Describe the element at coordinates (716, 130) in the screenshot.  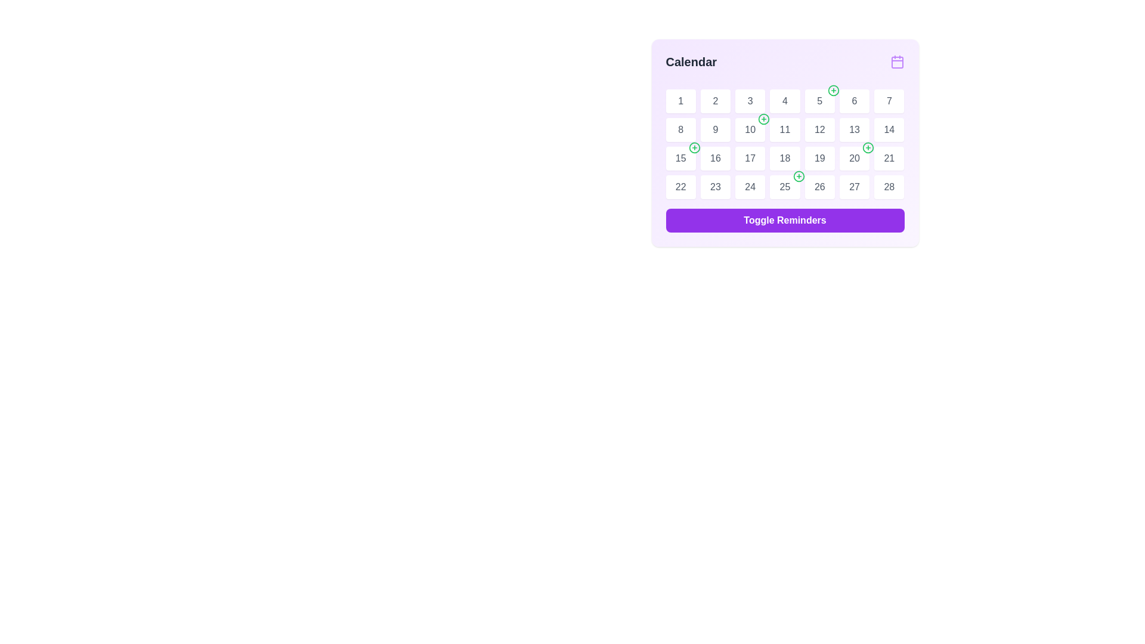
I see `the calendar date cell displaying the number '9' located on the second row, third column of the calendar grid to show a context menu` at that location.